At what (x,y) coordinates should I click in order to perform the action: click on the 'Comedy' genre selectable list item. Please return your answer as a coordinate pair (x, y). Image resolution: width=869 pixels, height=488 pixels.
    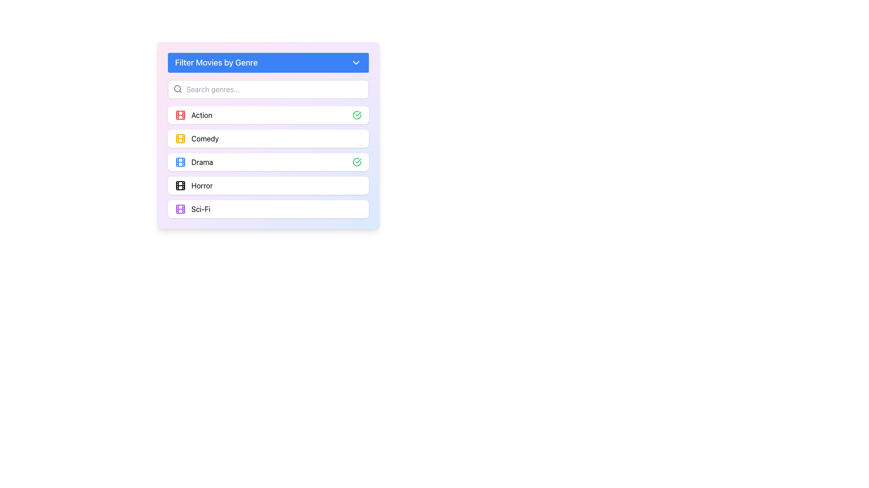
    Looking at the image, I should click on (268, 139).